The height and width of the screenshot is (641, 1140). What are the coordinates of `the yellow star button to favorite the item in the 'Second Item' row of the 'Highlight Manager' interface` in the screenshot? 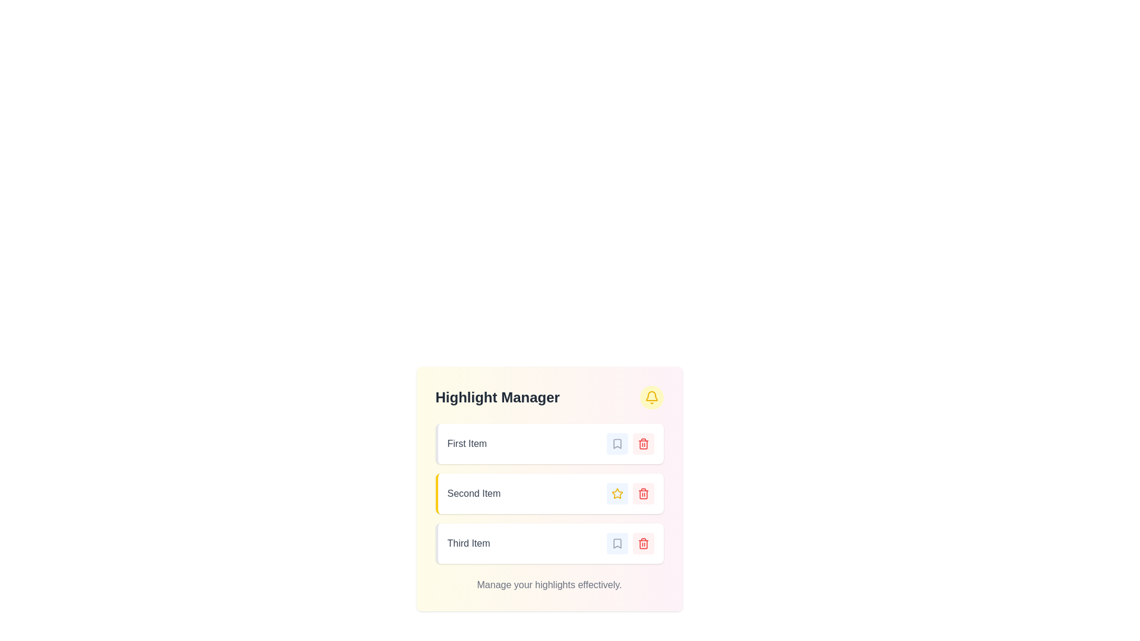 It's located at (629, 494).